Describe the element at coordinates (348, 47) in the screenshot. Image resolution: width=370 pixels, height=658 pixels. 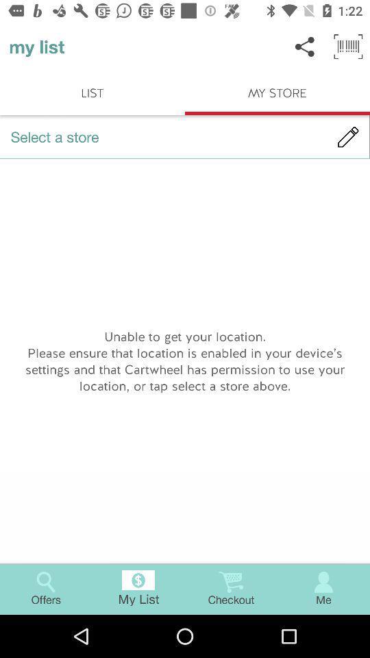
I see `item above select a store icon` at that location.